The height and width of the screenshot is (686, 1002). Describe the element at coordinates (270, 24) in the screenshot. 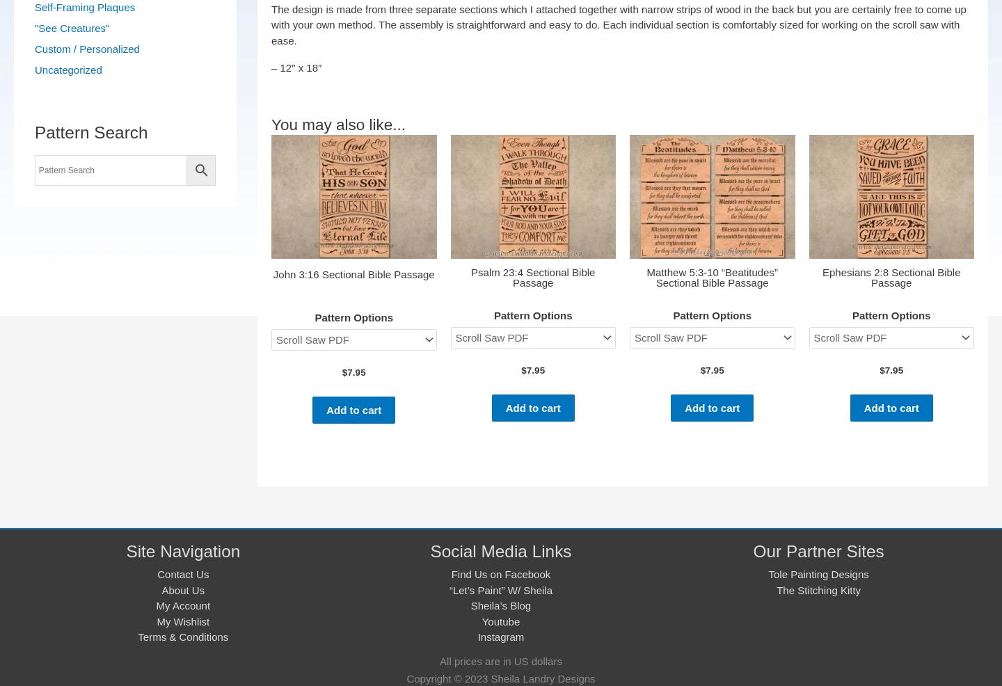

I see `'The design is made from three separate sections which I attached together with narrow strips of wood in the back but you are certainly free to come up with your own method. The assembly is straightforward and easy to do. Each individual section is comfortably sized for working on the scroll saw with ease.'` at that location.